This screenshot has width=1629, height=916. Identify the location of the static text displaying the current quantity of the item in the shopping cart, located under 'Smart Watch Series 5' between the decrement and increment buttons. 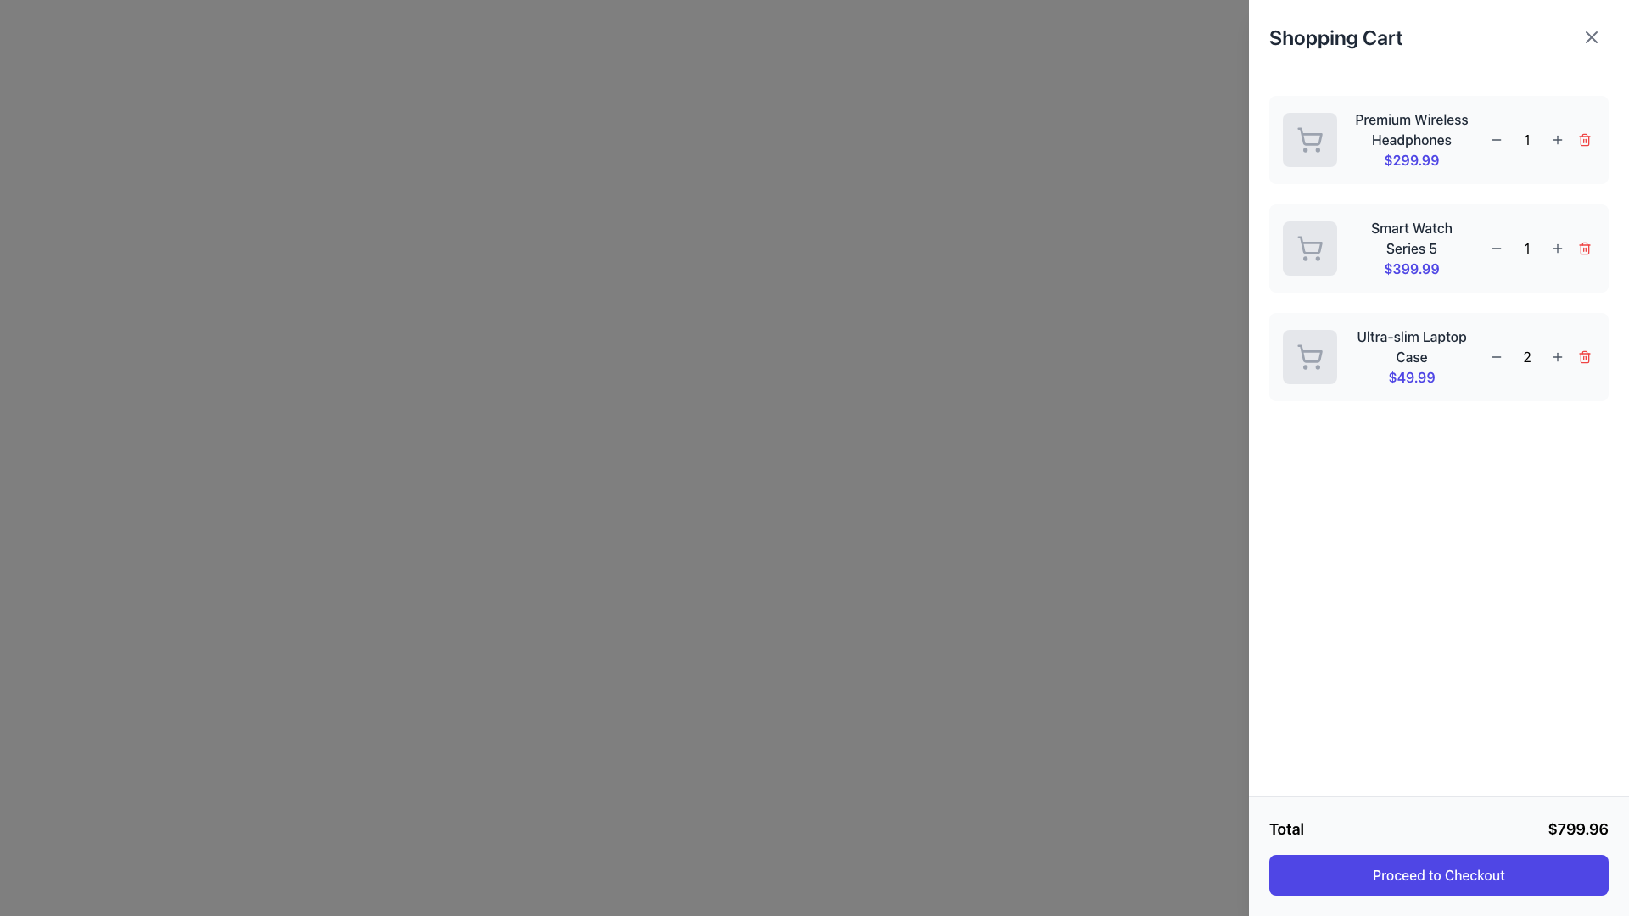
(1527, 249).